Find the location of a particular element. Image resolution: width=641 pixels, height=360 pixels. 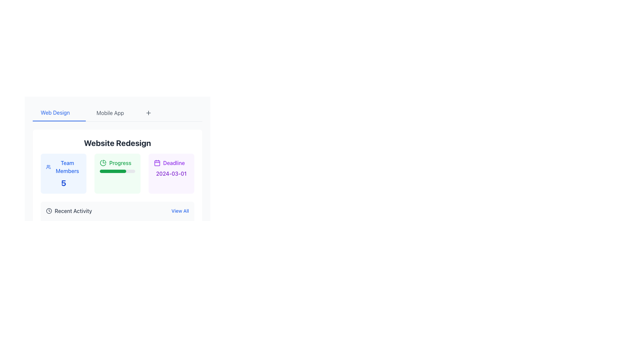

text label that says 'Deadline' with a purple font color, which is located in the top-left corner of the section labeled 'Deadline 2024-03-01' is located at coordinates (171, 163).